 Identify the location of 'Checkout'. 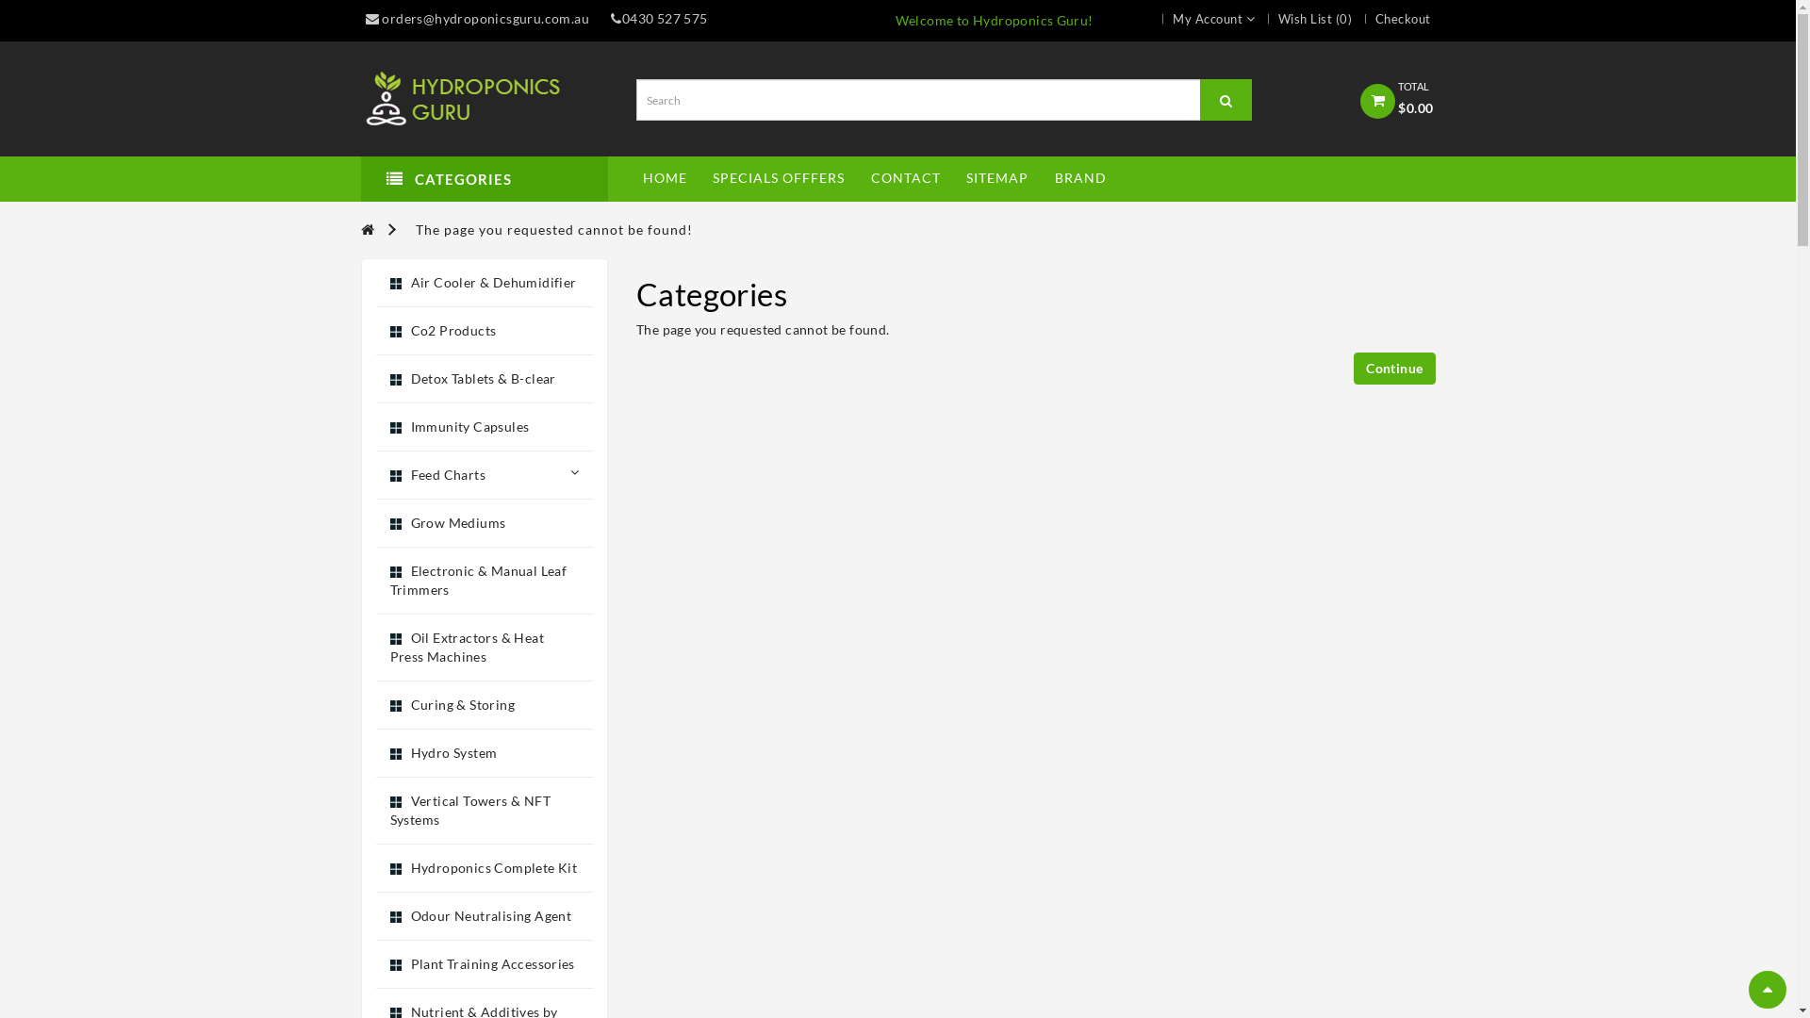
(1355, 18).